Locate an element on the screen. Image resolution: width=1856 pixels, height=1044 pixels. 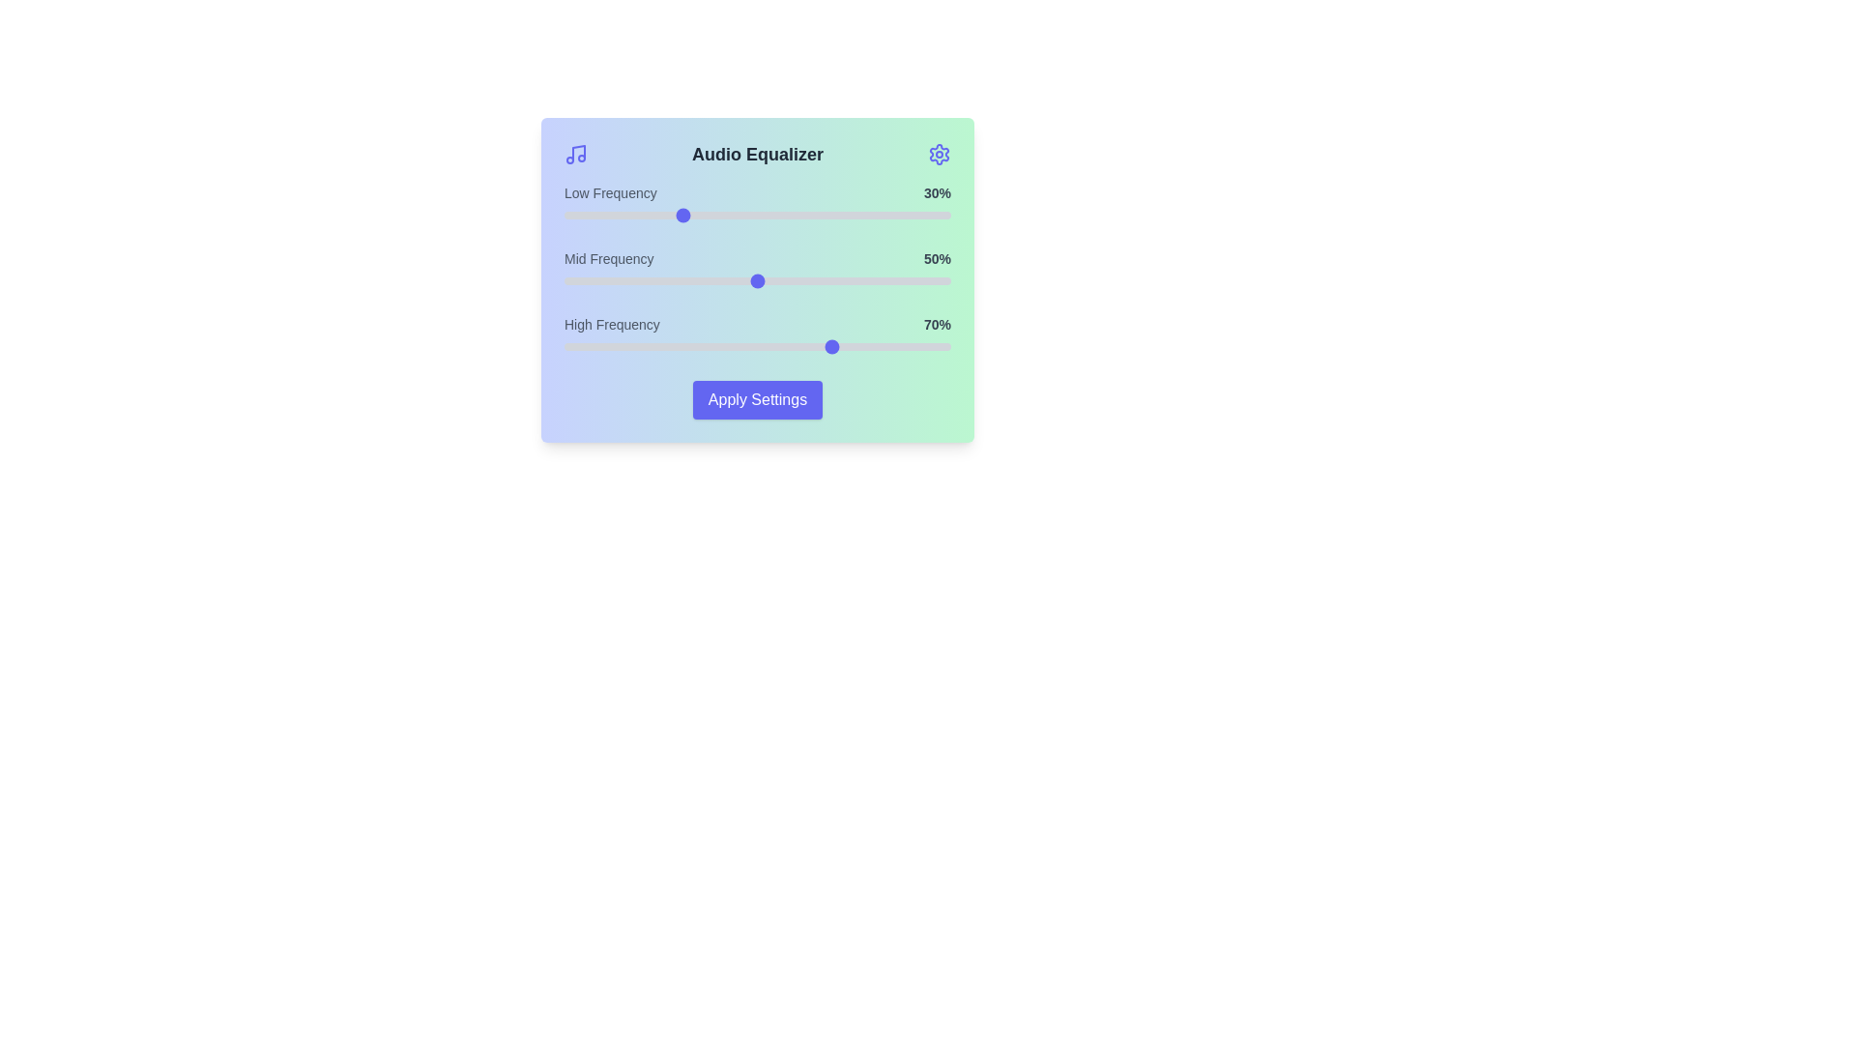
the Low Frequency slider to 29% is located at coordinates (677, 216).